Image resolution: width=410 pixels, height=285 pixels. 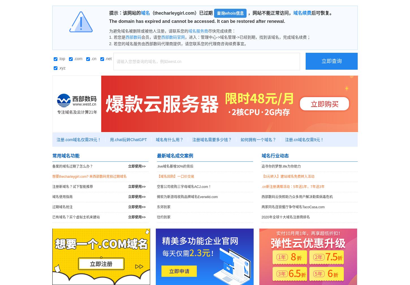 I want to click on '注册.com域名仅需29元！', so click(x=79, y=139).